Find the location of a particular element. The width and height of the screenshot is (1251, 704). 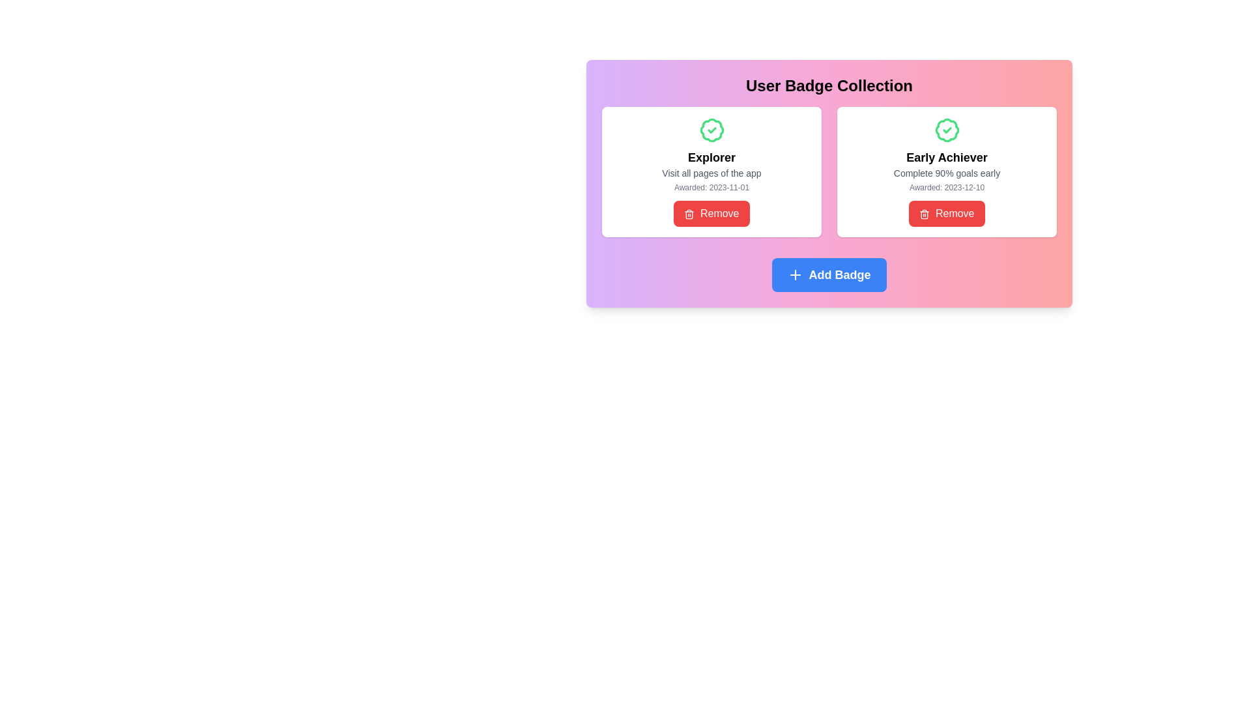

the 'Add Badge' button which contains a decorative icon to the left of the button's text is located at coordinates (795, 274).